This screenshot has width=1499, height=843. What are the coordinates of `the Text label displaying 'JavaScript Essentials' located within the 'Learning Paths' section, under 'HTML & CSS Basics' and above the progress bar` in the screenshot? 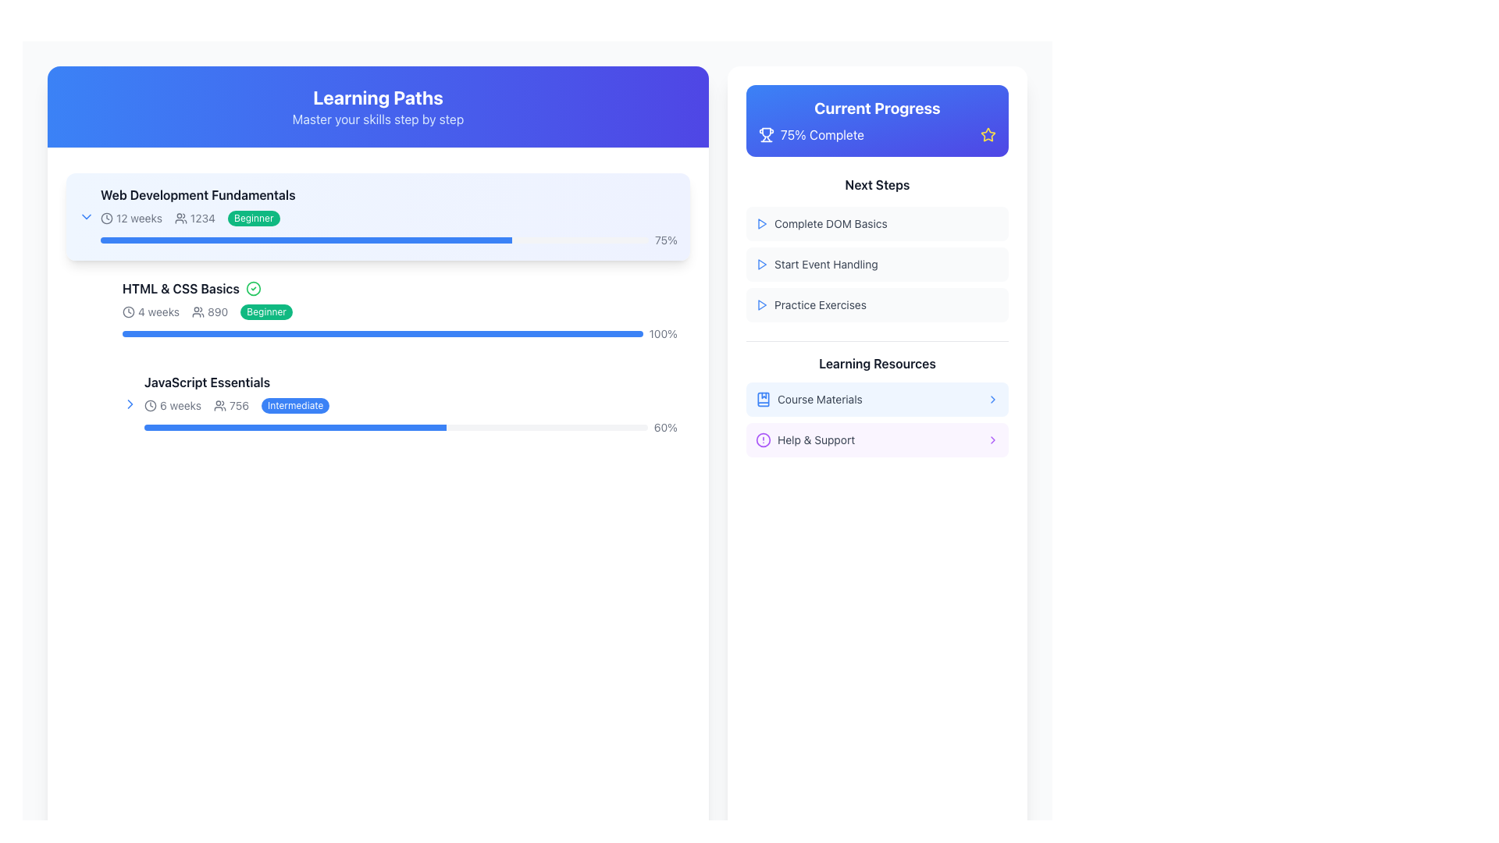 It's located at (206, 382).